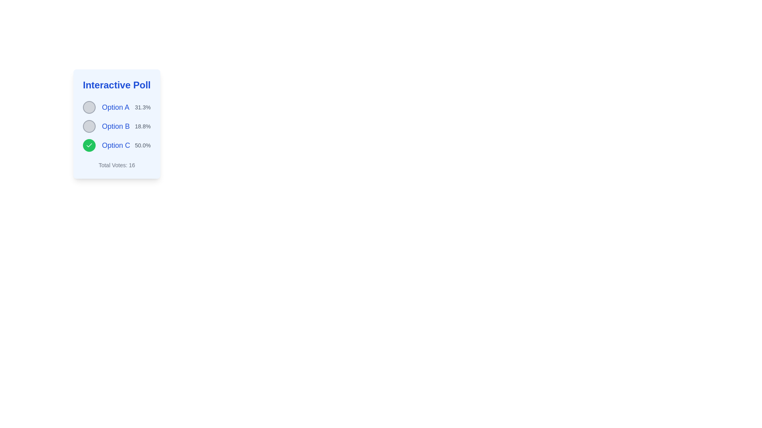 This screenshot has width=762, height=428. I want to click on the circular radio button for 'Option A' in the poll, so click(106, 107).